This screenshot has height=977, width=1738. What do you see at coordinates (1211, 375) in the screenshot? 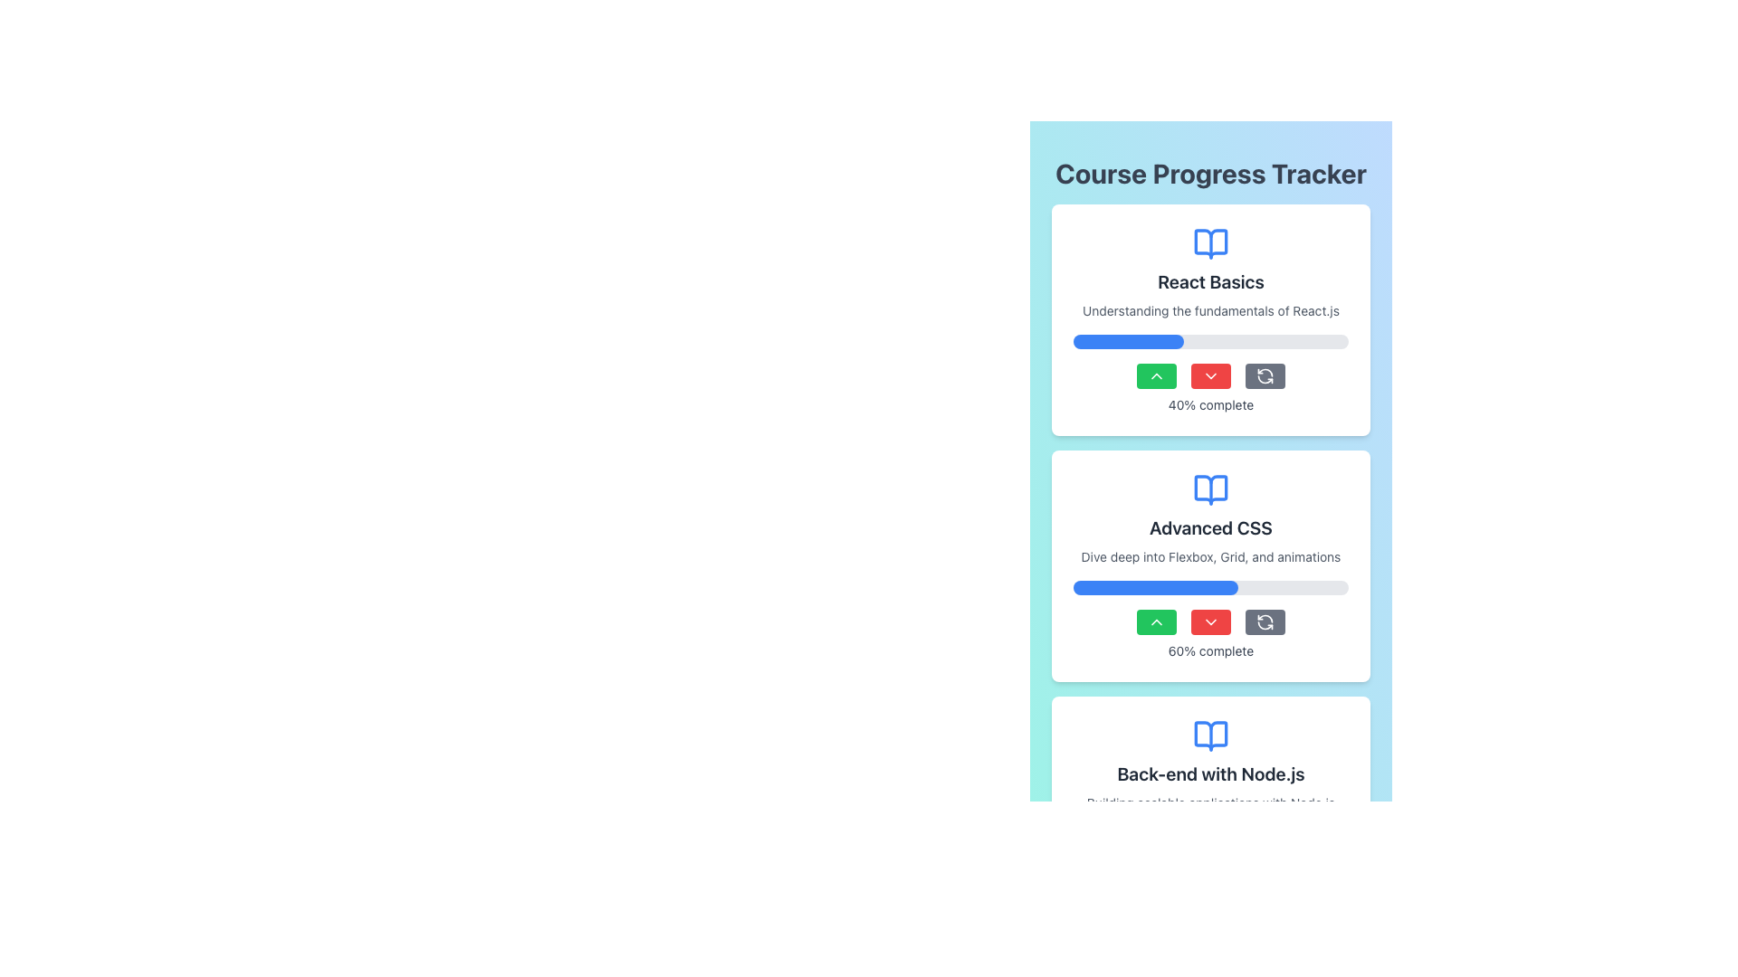
I see `the control panel buttons for 'React Basics' located below the progress bar and '40% complete' text in the 'Course Progress Tracker' interface` at bounding box center [1211, 375].